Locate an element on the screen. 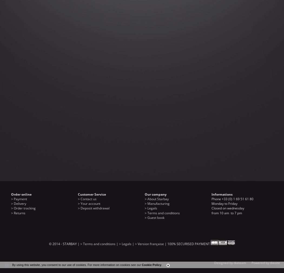  'from 10 am  to 7 pm' is located at coordinates (212, 213).